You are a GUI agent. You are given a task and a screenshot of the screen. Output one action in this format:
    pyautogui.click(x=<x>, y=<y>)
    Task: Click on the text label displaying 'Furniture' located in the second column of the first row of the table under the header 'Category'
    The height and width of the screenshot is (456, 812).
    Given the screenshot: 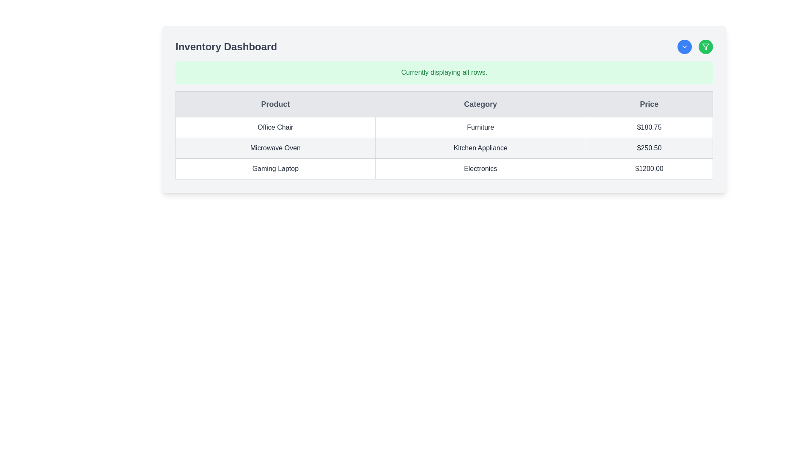 What is the action you would take?
    pyautogui.click(x=480, y=127)
    